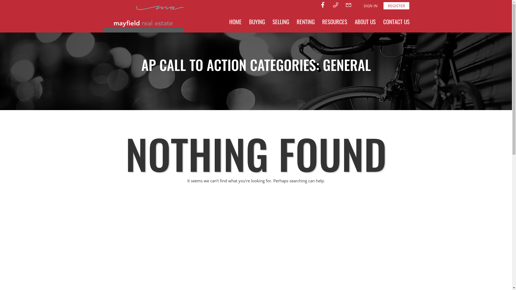 The height and width of the screenshot is (290, 516). Describe the element at coordinates (292, 21) in the screenshot. I see `'RENTING'` at that location.